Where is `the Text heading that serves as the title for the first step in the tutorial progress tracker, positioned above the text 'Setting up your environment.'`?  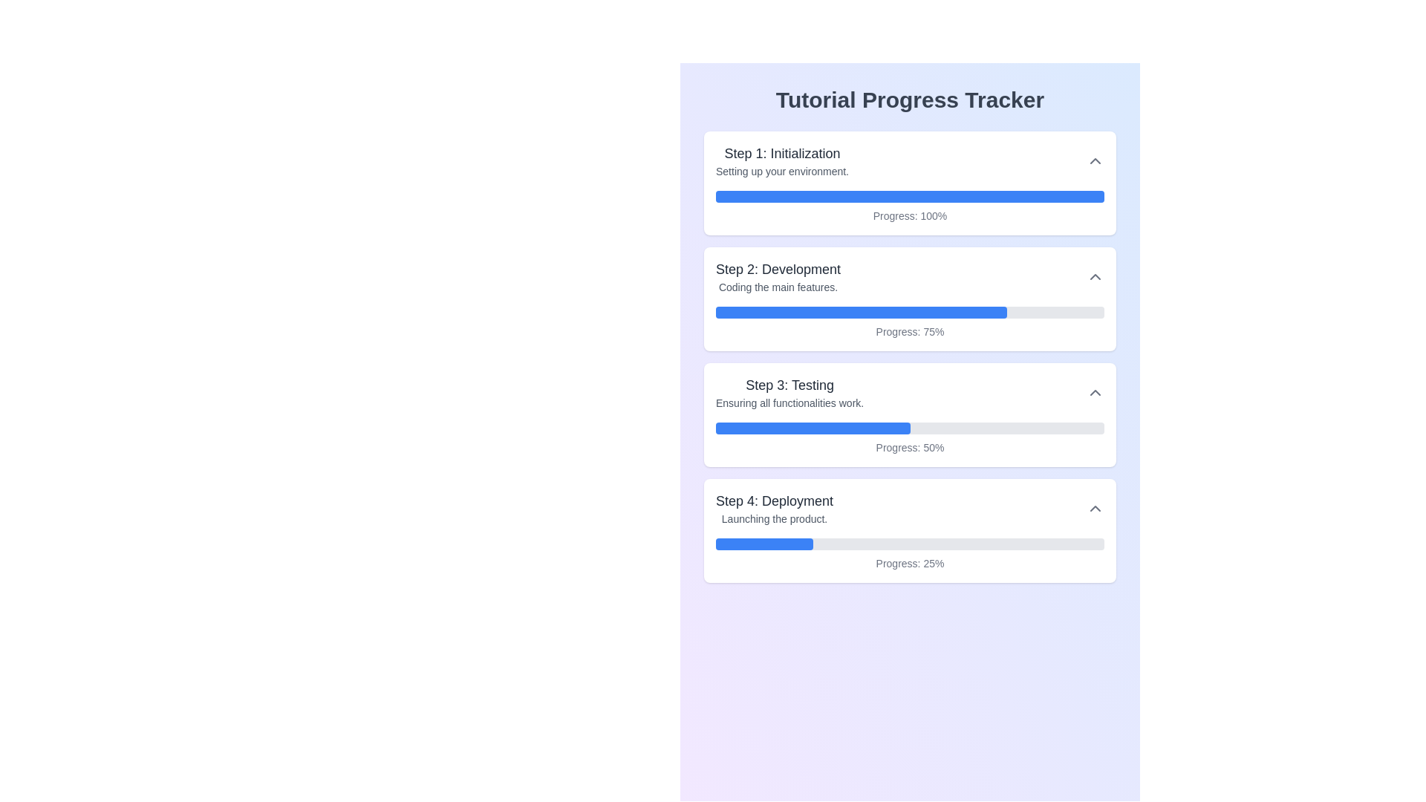
the Text heading that serves as the title for the first step in the tutorial progress tracker, positioned above the text 'Setting up your environment.' is located at coordinates (781, 154).